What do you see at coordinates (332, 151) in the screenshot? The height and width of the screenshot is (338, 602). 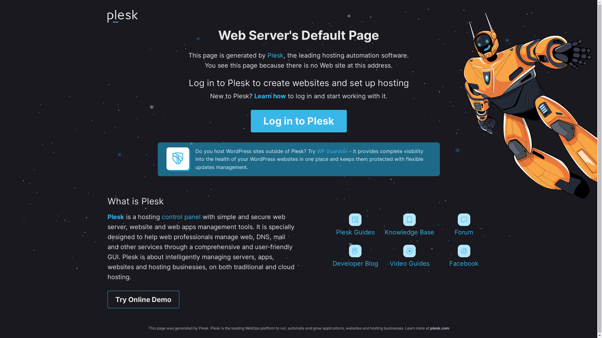 I see `'WP Guardian'` at bounding box center [332, 151].